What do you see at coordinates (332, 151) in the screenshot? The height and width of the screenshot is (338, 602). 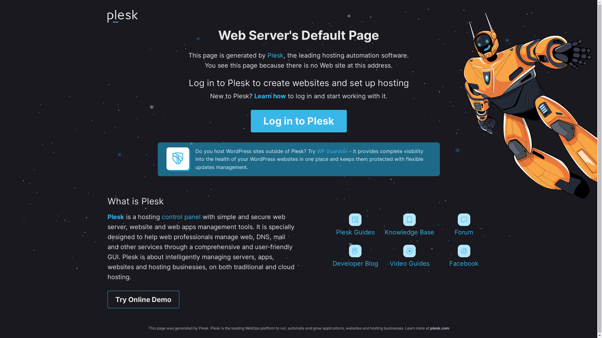 I see `'WP Guardian'` at bounding box center [332, 151].